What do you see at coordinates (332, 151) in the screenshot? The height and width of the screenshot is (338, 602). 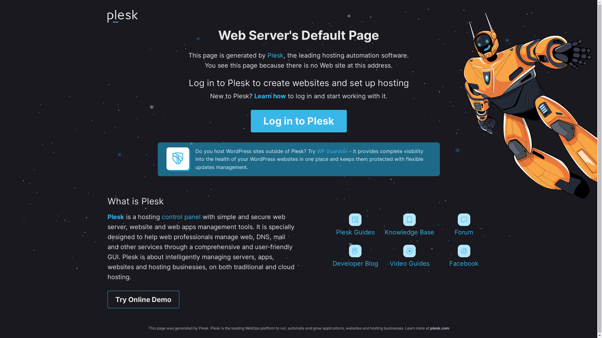 I see `'WP Guardian'` at bounding box center [332, 151].